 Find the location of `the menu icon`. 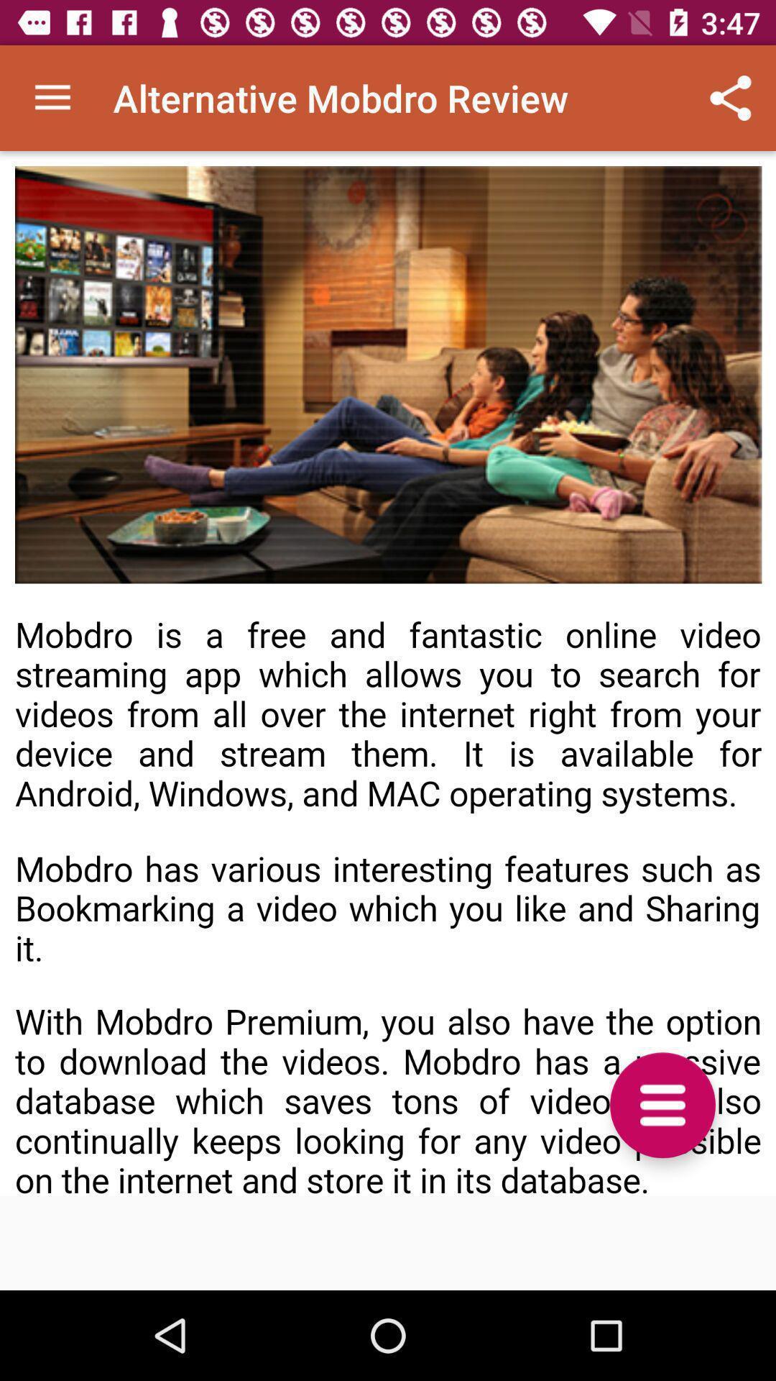

the menu icon is located at coordinates (662, 1104).